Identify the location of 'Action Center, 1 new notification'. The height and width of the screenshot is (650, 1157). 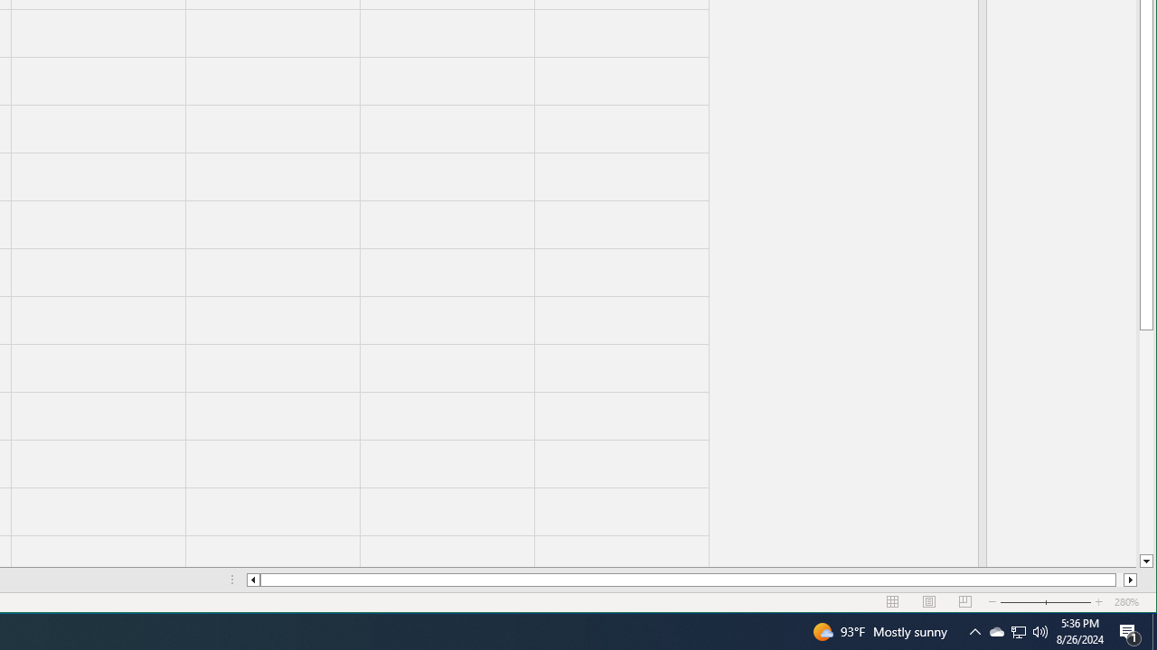
(1130, 630).